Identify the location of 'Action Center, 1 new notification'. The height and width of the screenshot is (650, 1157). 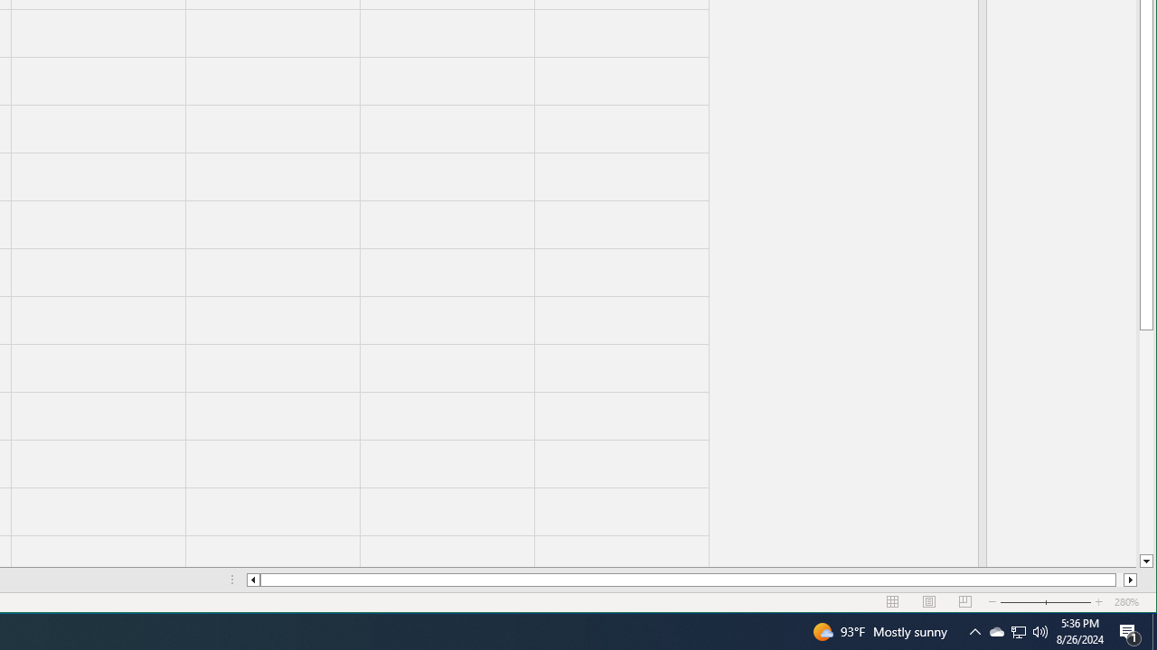
(1130, 630).